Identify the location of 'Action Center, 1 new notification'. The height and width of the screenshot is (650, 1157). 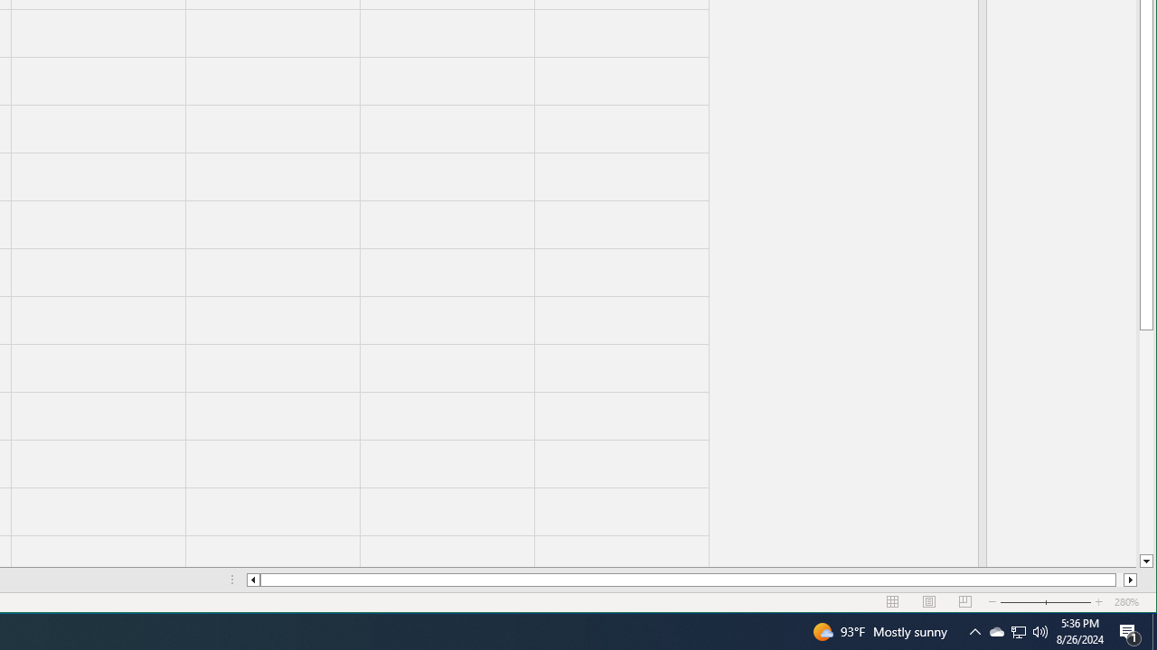
(1130, 630).